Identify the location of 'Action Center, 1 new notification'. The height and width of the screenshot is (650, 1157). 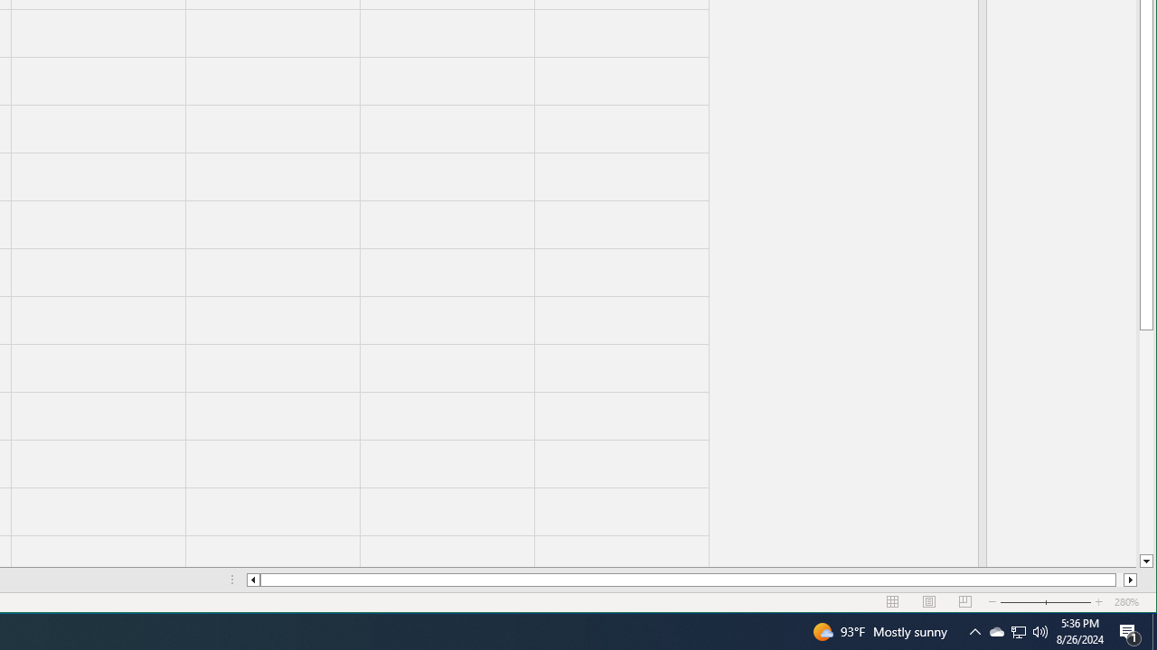
(1130, 630).